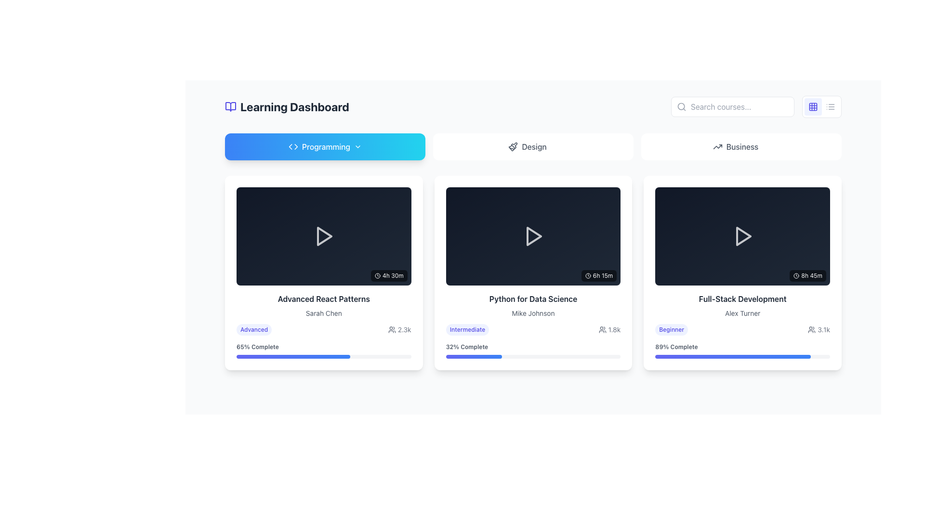 The width and height of the screenshot is (925, 520). Describe the element at coordinates (325, 146) in the screenshot. I see `the 'Programming' button, which is the first button in a group of three horizontally aligned buttons, featuring a gradient background from blue to cyan and white text with icons` at that location.